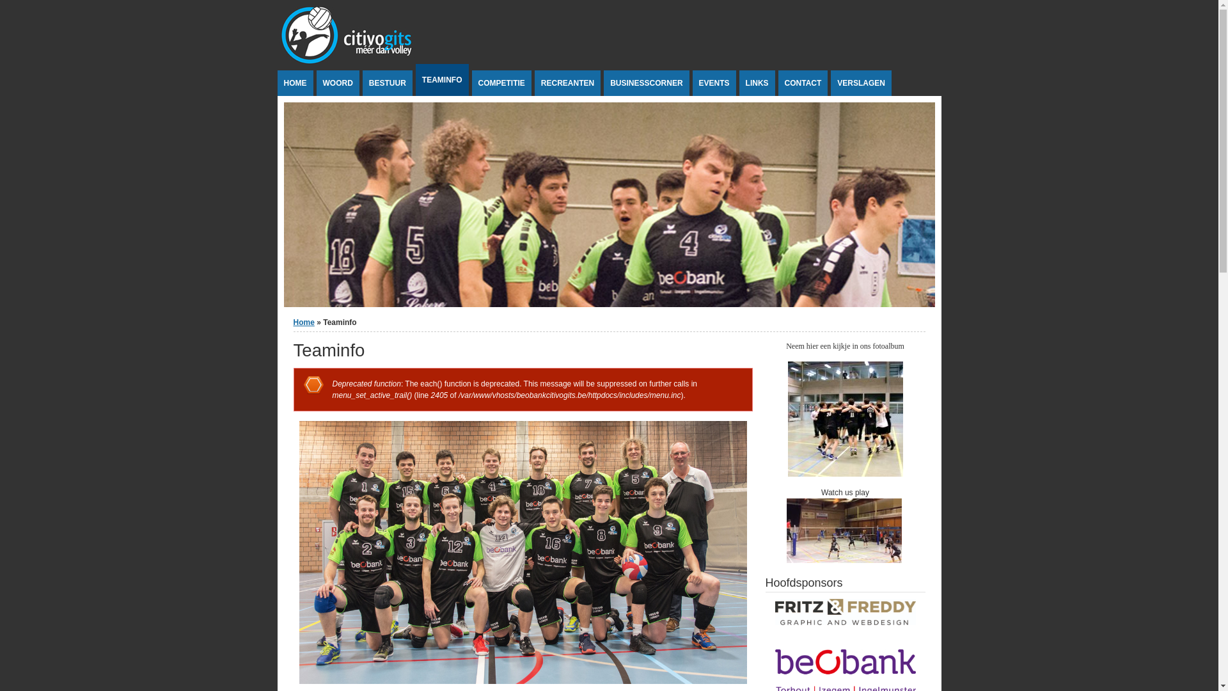  Describe the element at coordinates (774, 626) in the screenshot. I see `'Fritz and Freddy'` at that location.